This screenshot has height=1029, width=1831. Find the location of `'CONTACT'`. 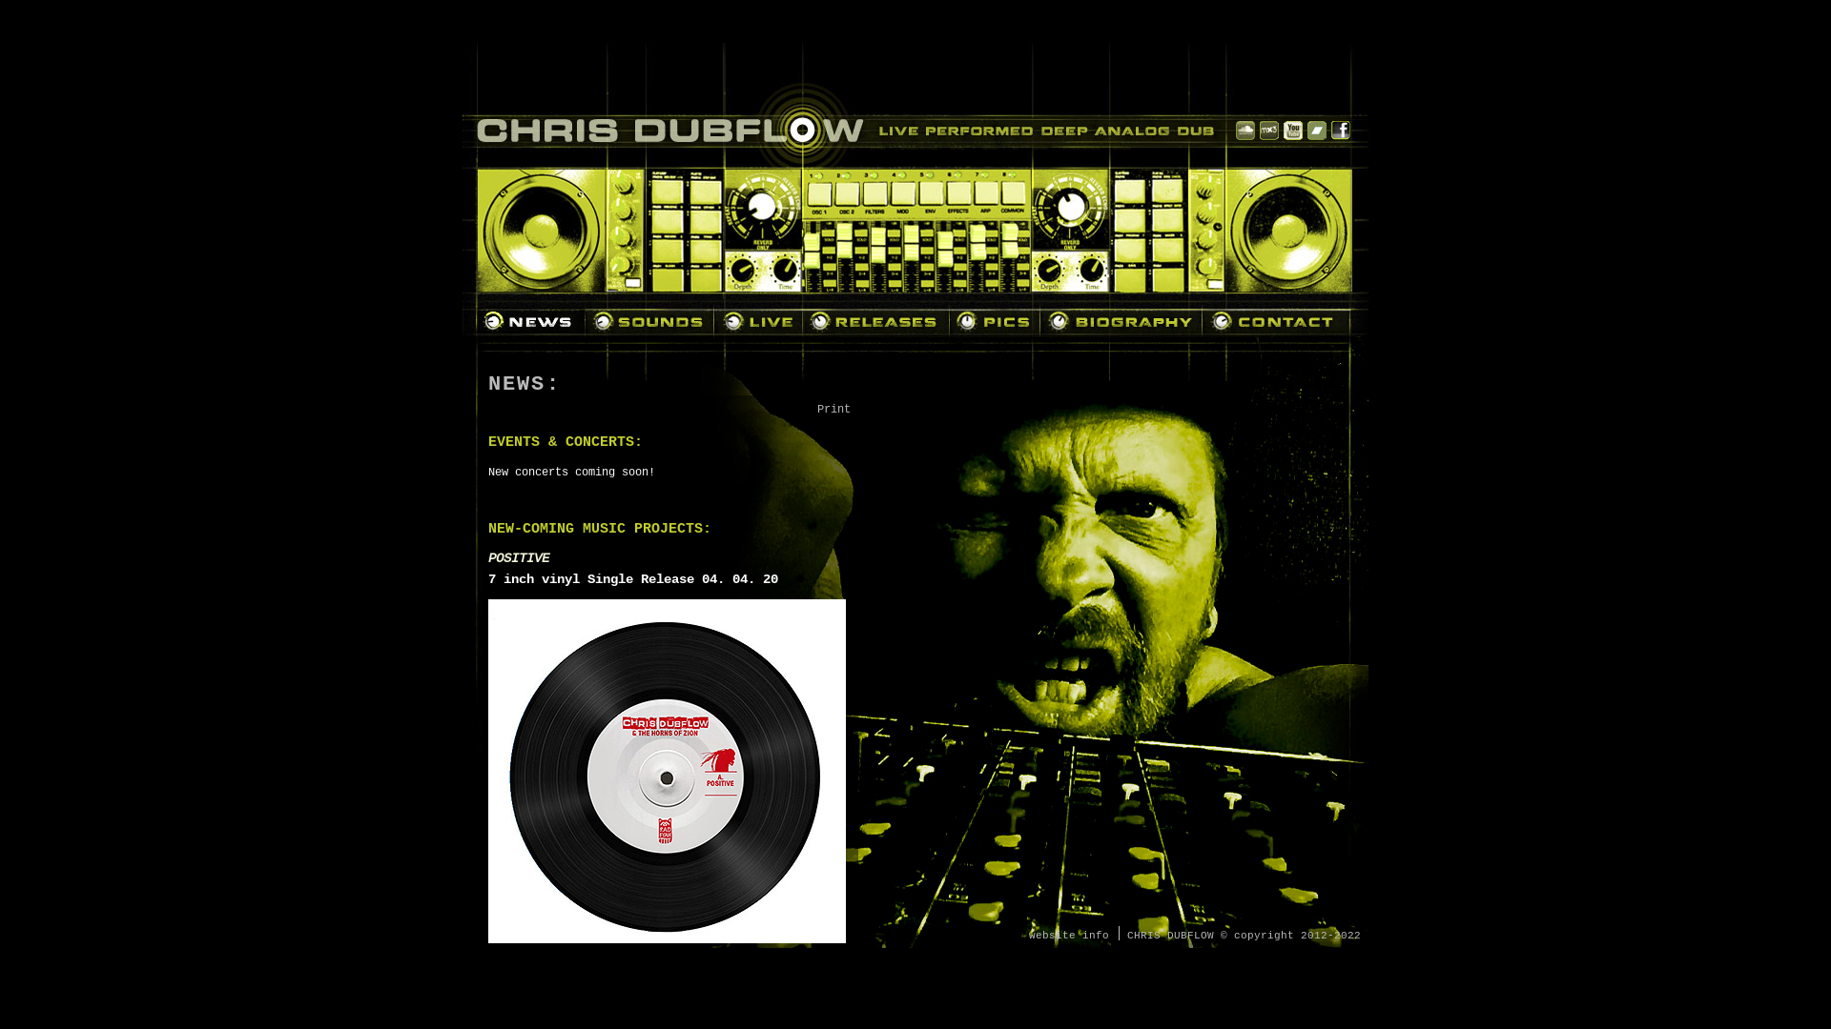

'CONTACT' is located at coordinates (1276, 321).